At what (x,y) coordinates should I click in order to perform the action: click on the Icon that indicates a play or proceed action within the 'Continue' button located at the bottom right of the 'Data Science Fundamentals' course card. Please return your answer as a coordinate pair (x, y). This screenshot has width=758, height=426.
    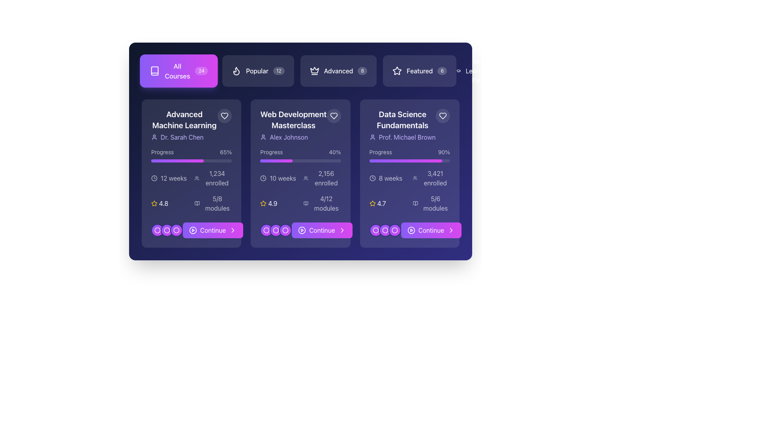
    Looking at the image, I should click on (411, 230).